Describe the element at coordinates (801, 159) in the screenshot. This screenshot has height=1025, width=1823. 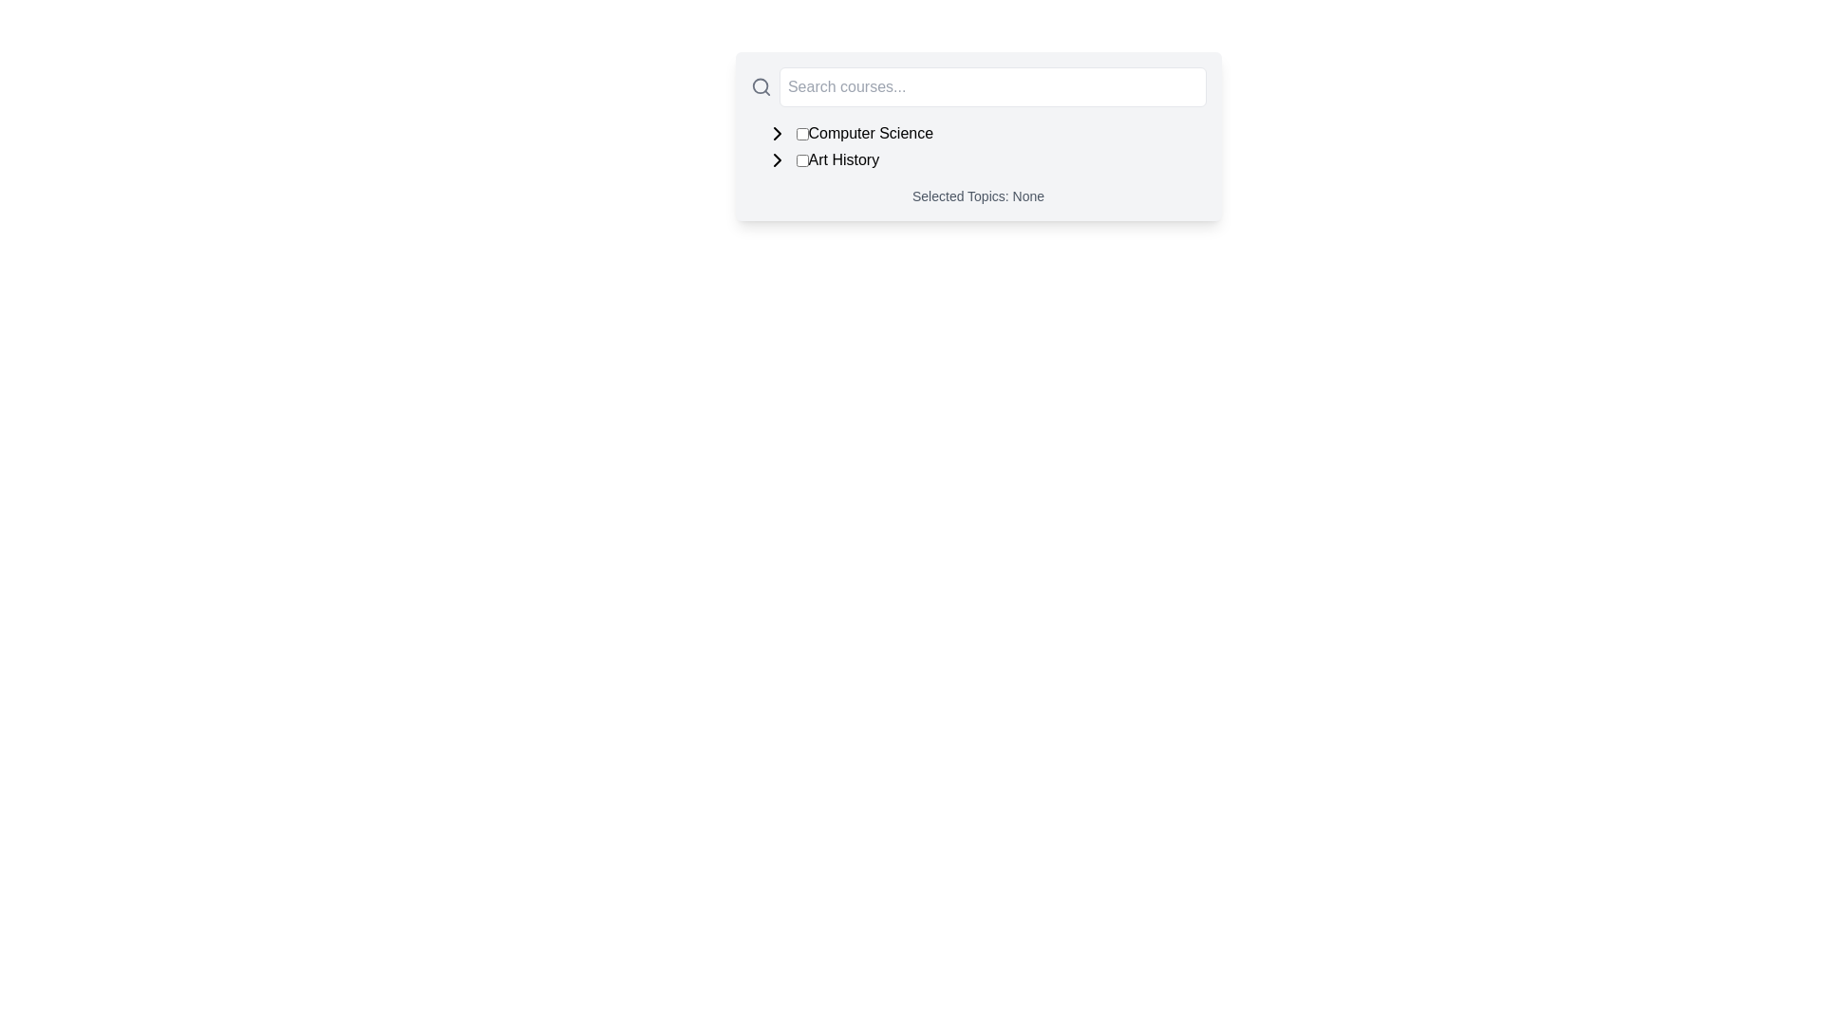
I see `the checkbox located within the 'Art History' list entry` at that location.